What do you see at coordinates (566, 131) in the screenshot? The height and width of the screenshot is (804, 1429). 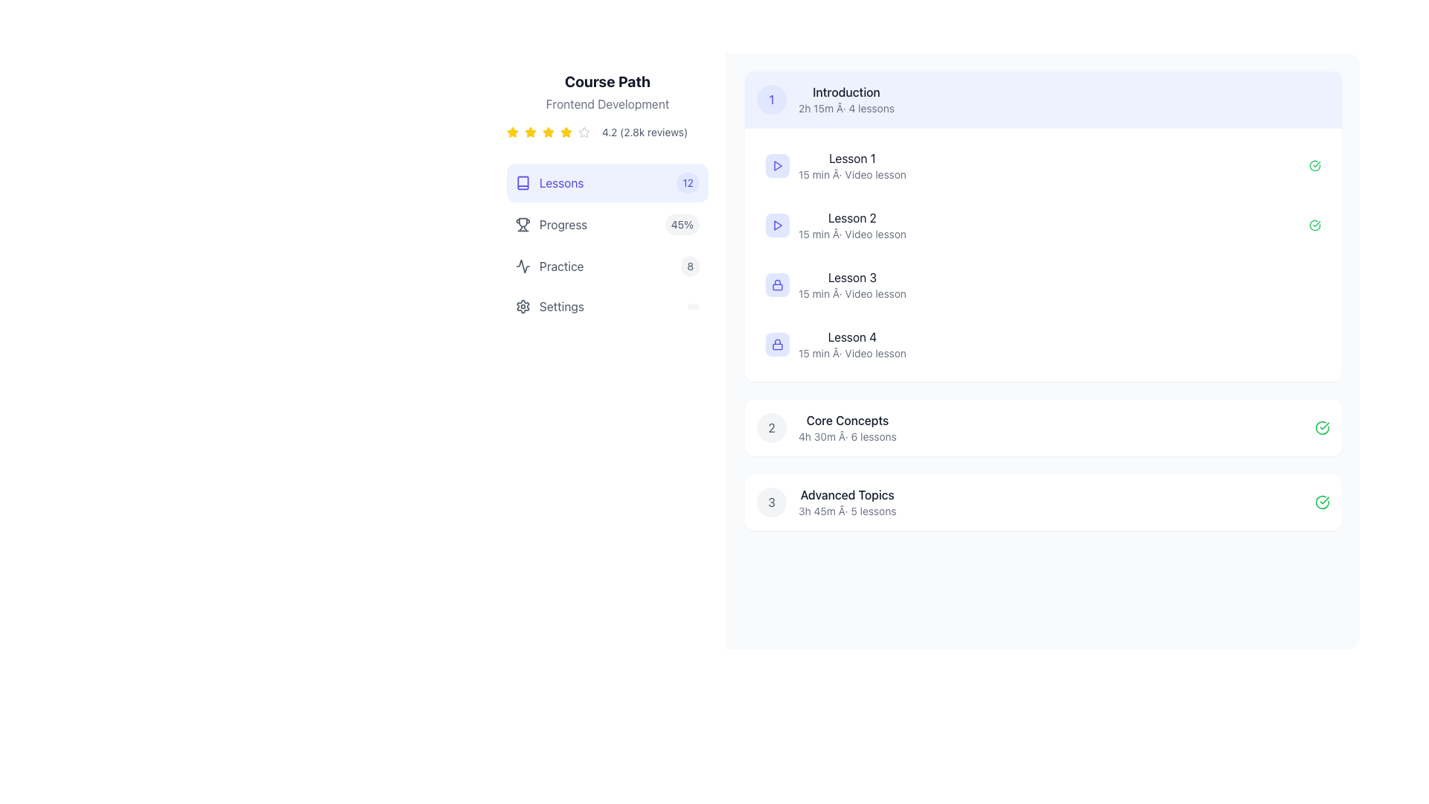 I see `the fifth yellow star icon in the rating system, which is located above the text '4.2 (2.8k reviews)' and to the right of four filled stars` at bounding box center [566, 131].